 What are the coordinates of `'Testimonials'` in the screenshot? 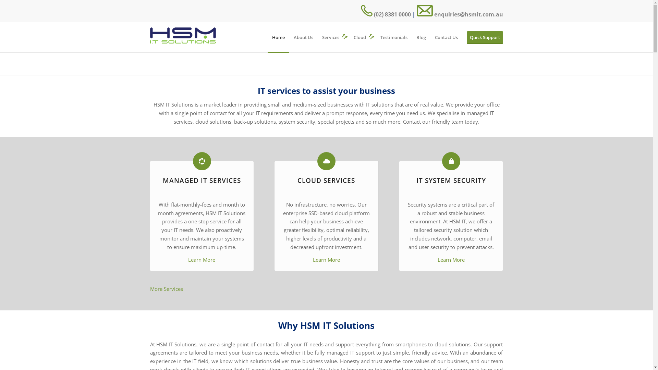 It's located at (393, 37).